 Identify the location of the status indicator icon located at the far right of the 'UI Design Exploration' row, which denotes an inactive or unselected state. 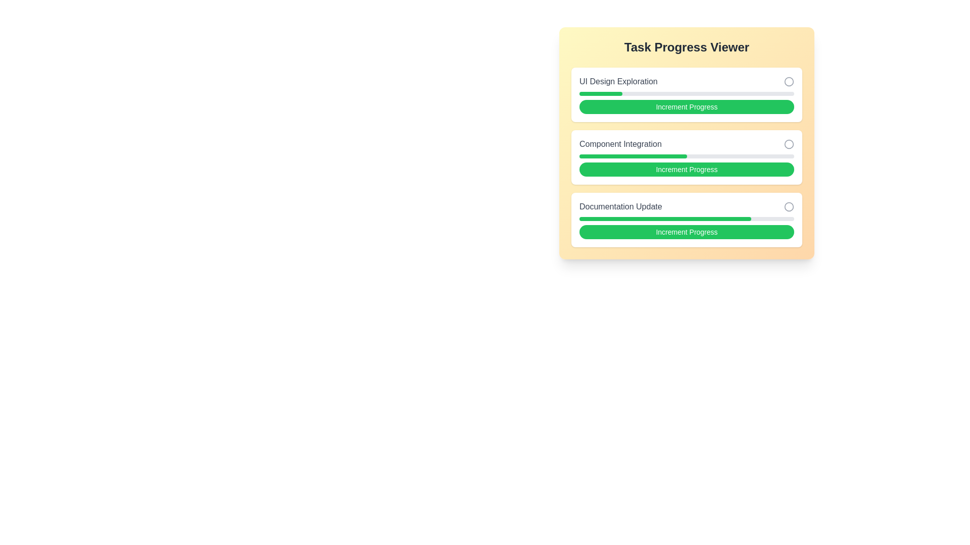
(788, 81).